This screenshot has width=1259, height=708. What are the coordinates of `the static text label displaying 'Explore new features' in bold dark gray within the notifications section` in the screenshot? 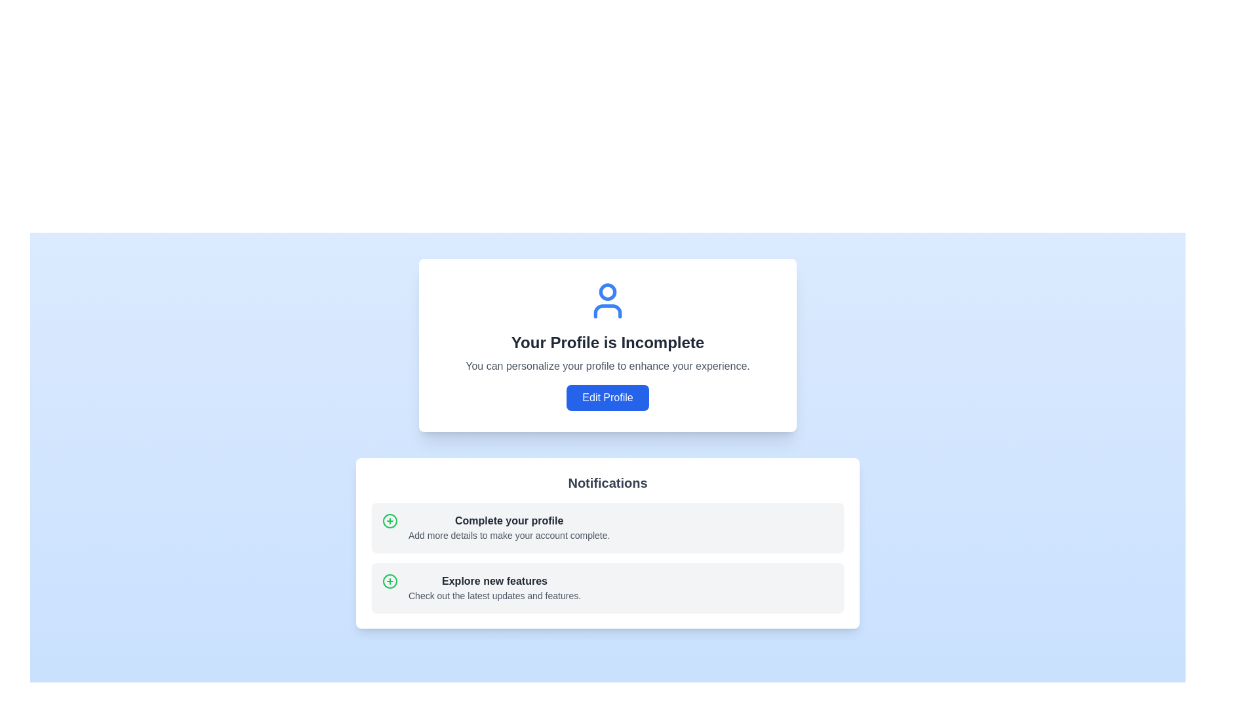 It's located at (494, 581).